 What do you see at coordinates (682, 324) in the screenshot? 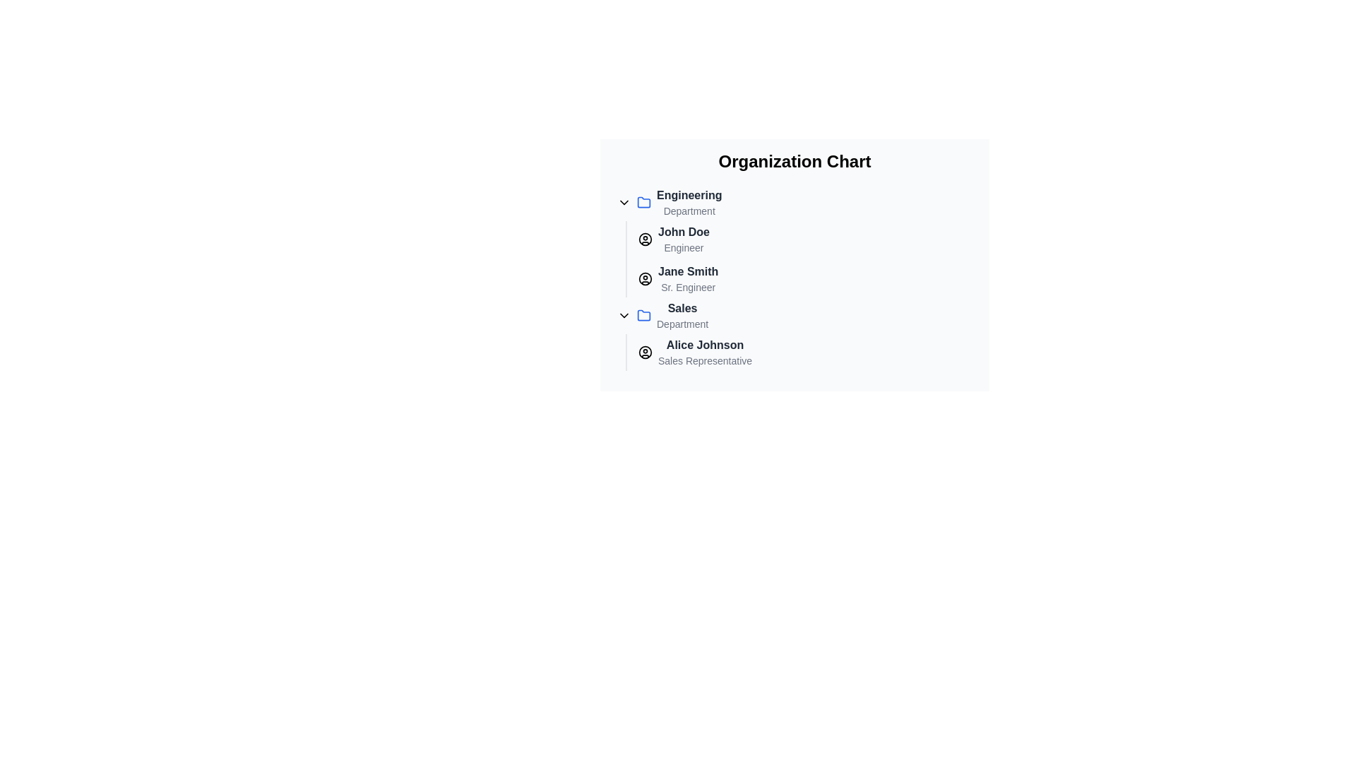
I see `'Sales' text label located within the 'Sales' group in the organization chart, positioned directly below the 'Sales' title` at bounding box center [682, 324].